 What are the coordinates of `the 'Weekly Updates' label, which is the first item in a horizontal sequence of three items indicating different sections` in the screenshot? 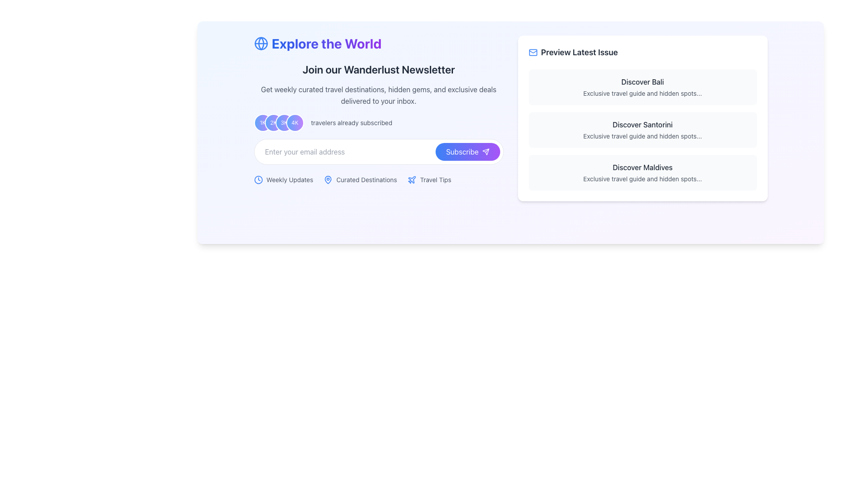 It's located at (283, 180).